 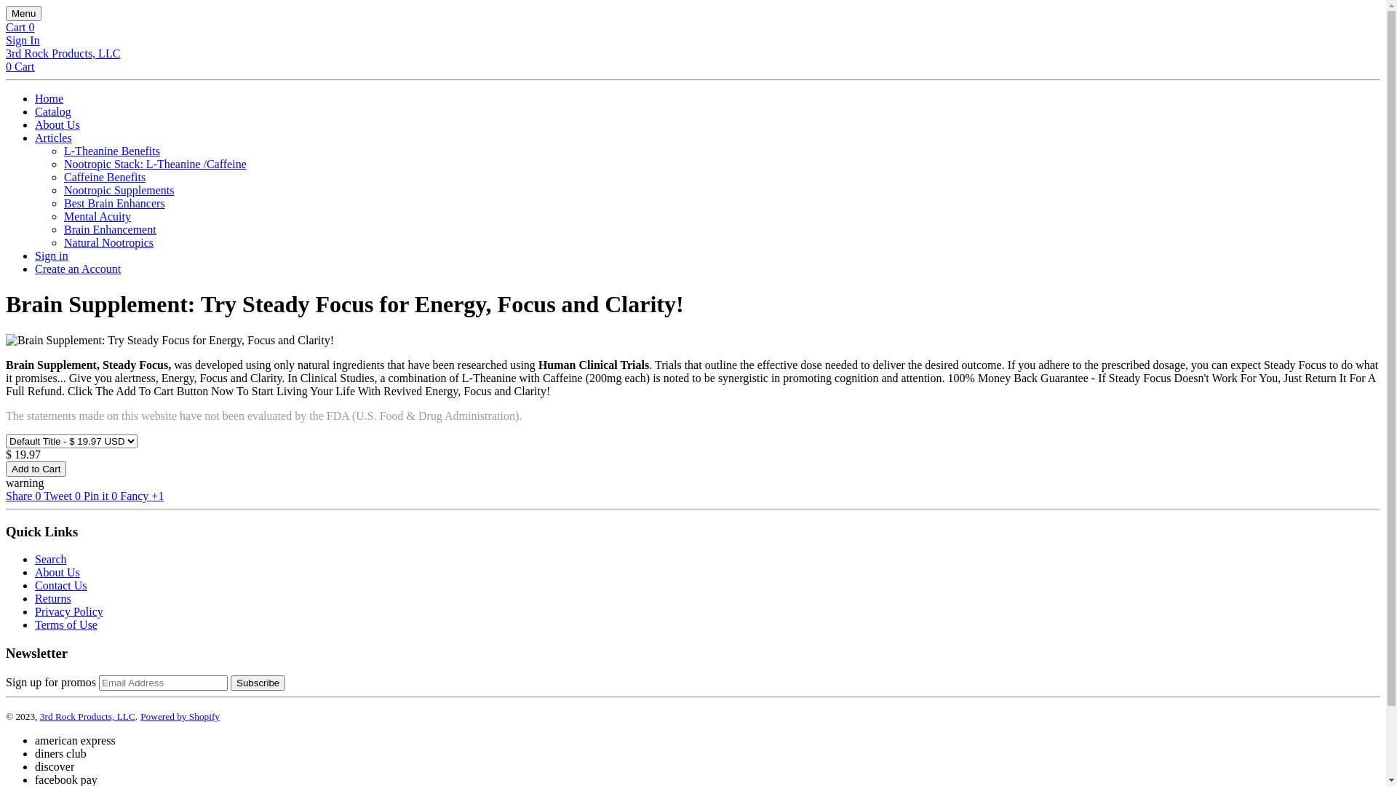 What do you see at coordinates (60, 584) in the screenshot?
I see `'Contact Us'` at bounding box center [60, 584].